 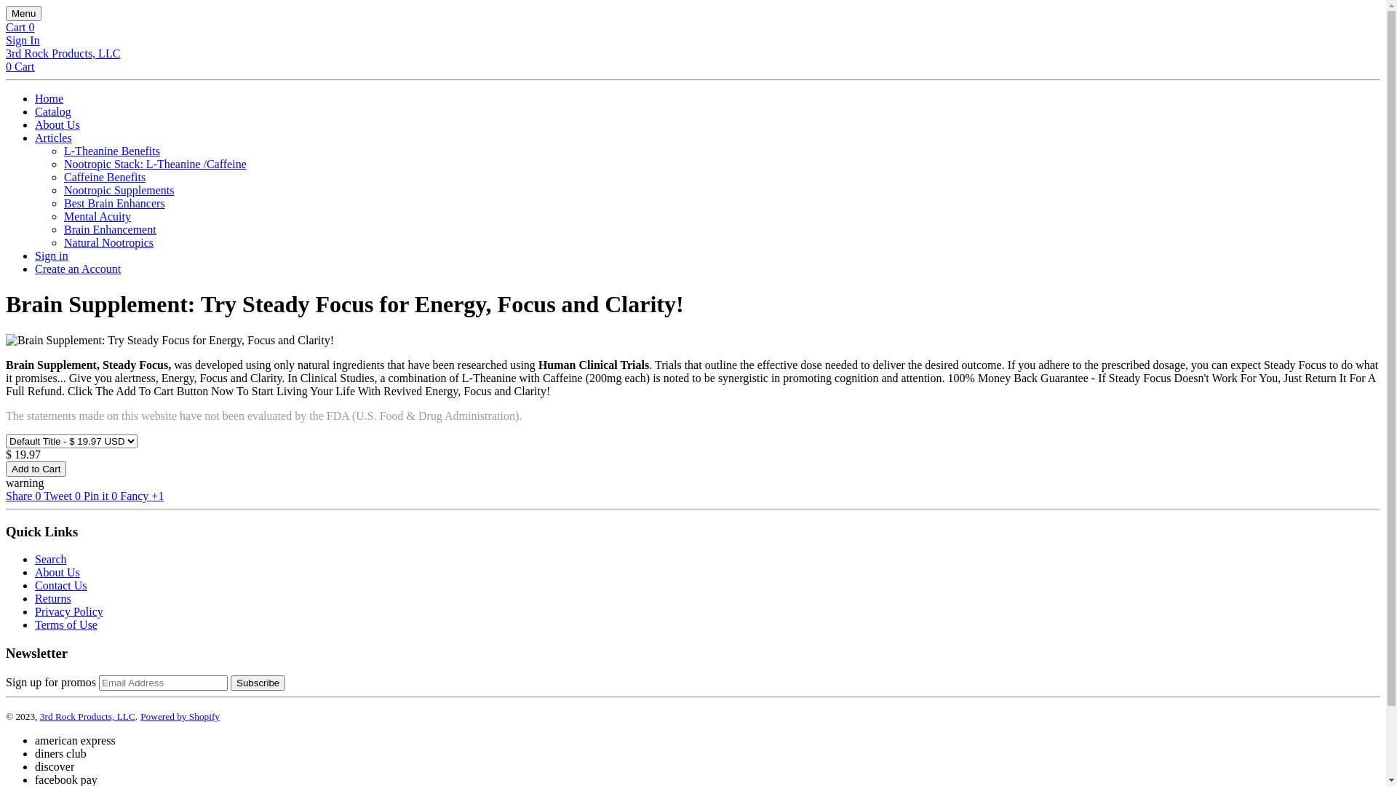 What do you see at coordinates (60, 584) in the screenshot?
I see `'Contact Us'` at bounding box center [60, 584].